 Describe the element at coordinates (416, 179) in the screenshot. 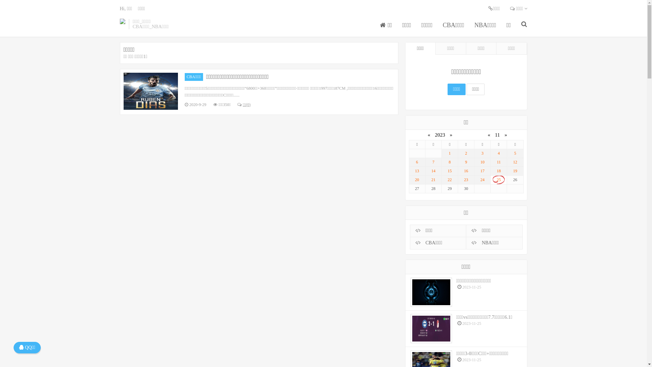

I see `'20'` at that location.